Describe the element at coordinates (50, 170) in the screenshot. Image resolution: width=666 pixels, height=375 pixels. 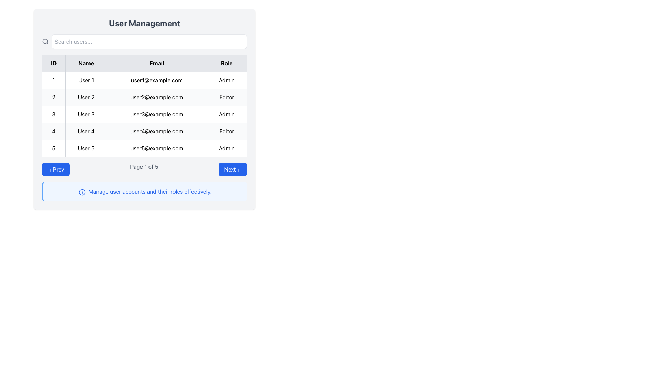
I see `the 'Prev' button by clicking on the chevron icon located to the left of the 'Prev' text label, which triggers backward navigation` at that location.